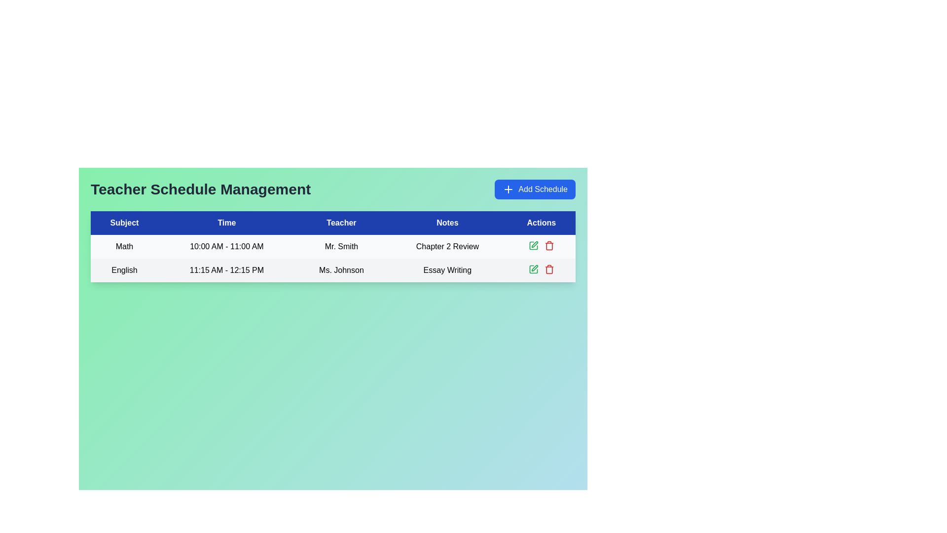 The image size is (947, 533). What do you see at coordinates (534, 268) in the screenshot?
I see `the SVG icon resembling a pen in the 'Actions' column of the second row to initiate the edit action` at bounding box center [534, 268].